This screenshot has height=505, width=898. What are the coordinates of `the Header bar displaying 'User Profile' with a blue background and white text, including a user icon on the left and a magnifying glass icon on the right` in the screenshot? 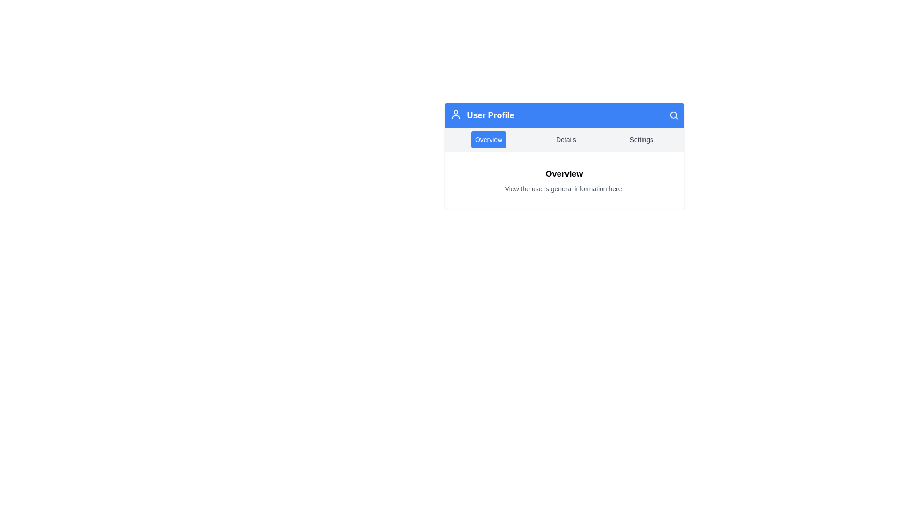 It's located at (564, 115).